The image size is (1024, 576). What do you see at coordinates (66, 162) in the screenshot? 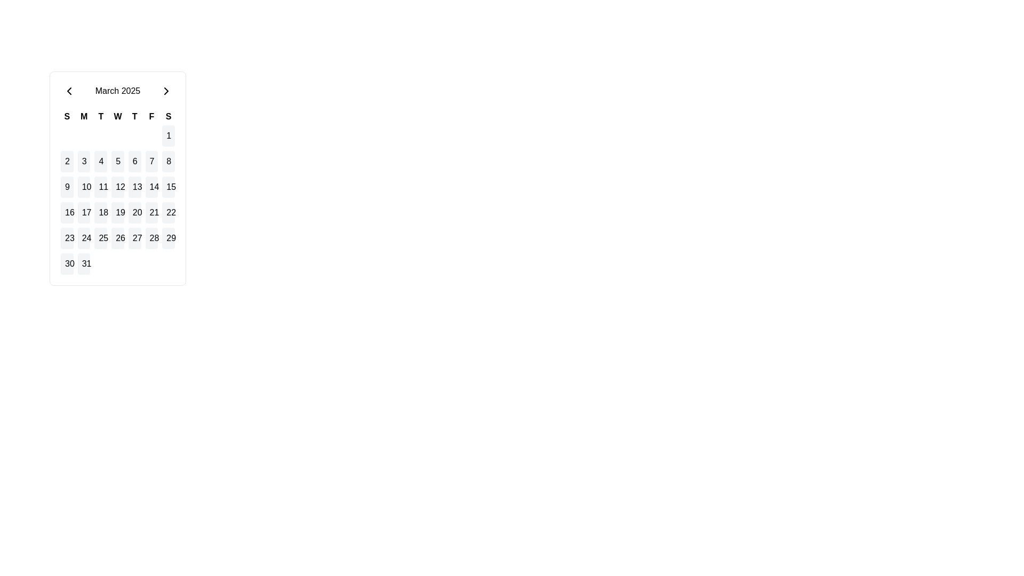
I see `the rounded button with a light gray background and black text displaying the number '2'` at bounding box center [66, 162].